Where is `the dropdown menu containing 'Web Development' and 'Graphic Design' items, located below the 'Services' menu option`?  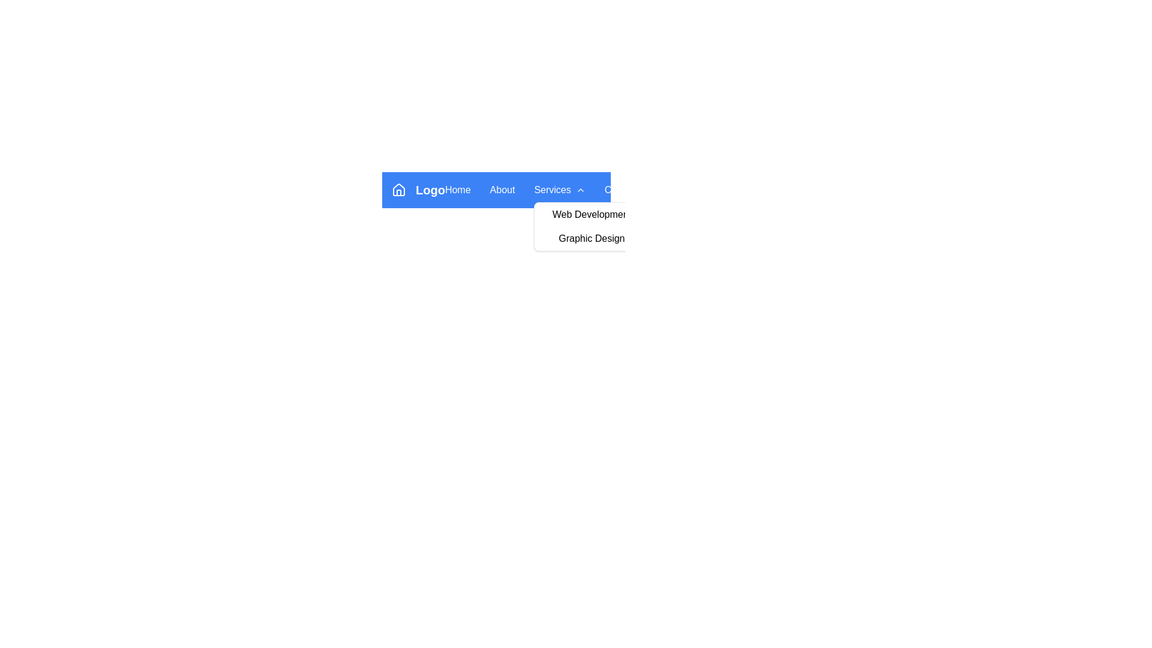 the dropdown menu containing 'Web Development' and 'Graphic Design' items, located below the 'Services' menu option is located at coordinates (592, 227).